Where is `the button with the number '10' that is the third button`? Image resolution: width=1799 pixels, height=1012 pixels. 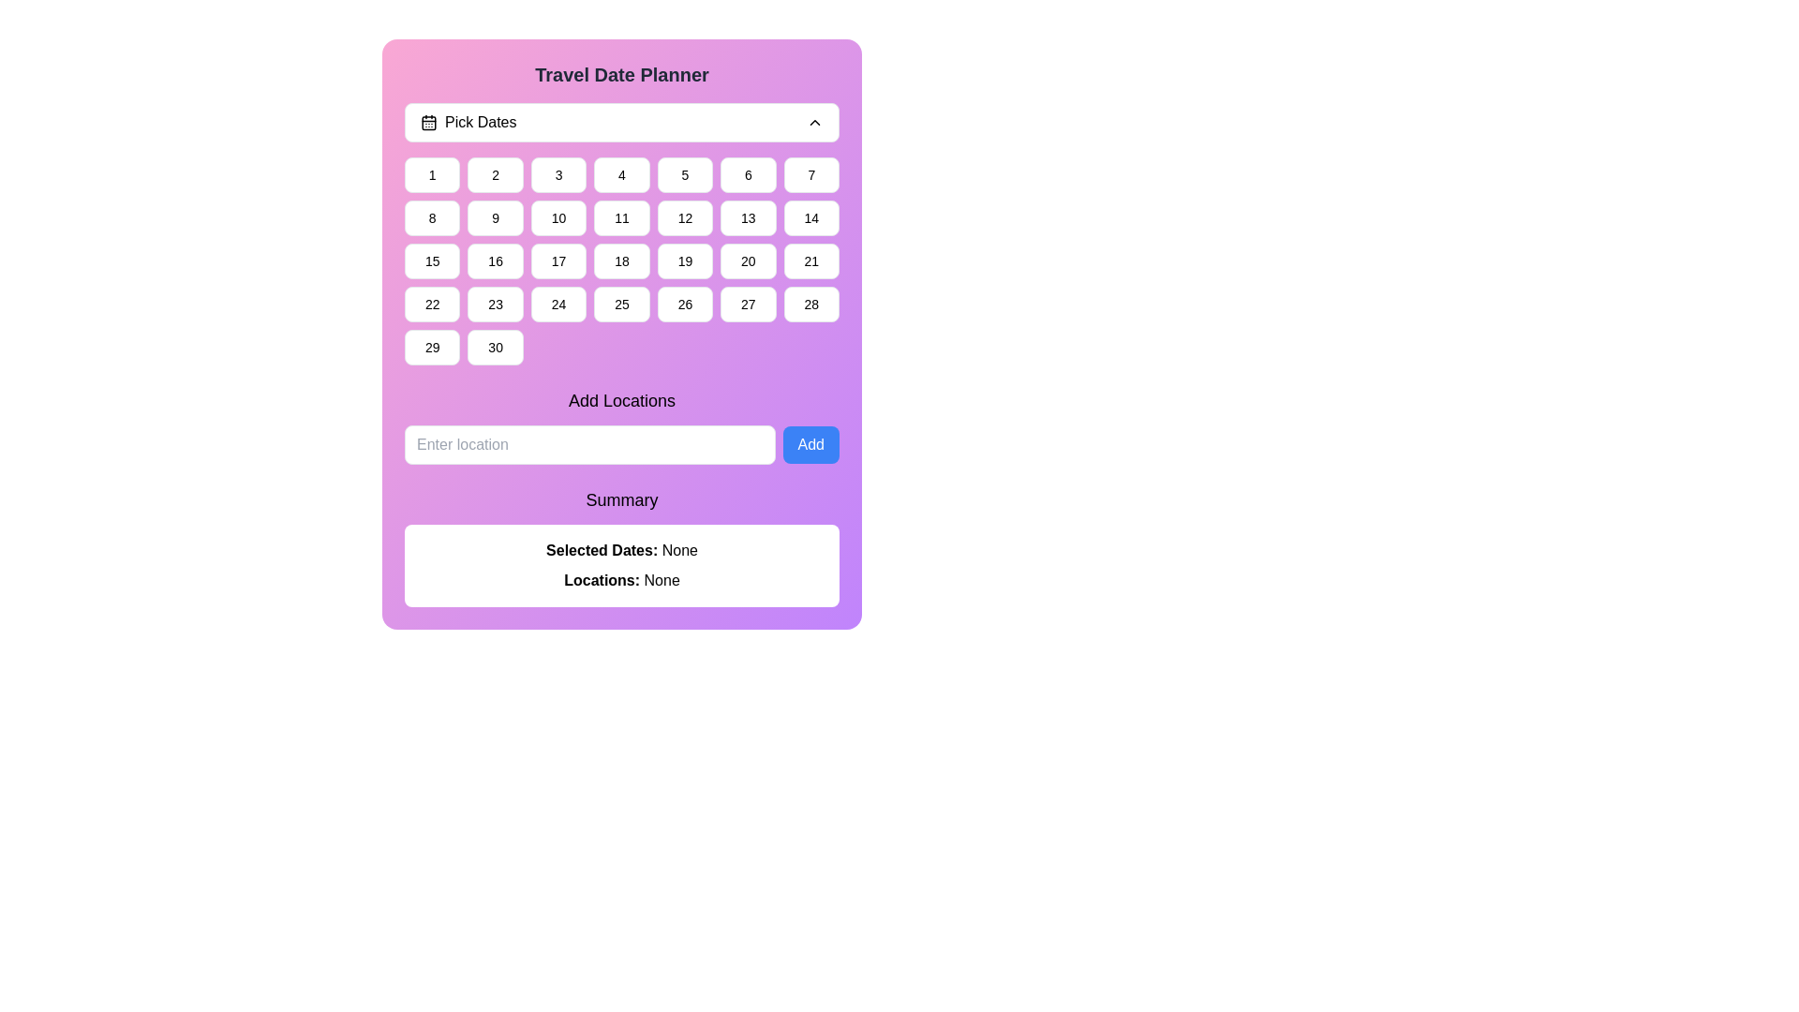 the button with the number '10' that is the third button is located at coordinates (558, 216).